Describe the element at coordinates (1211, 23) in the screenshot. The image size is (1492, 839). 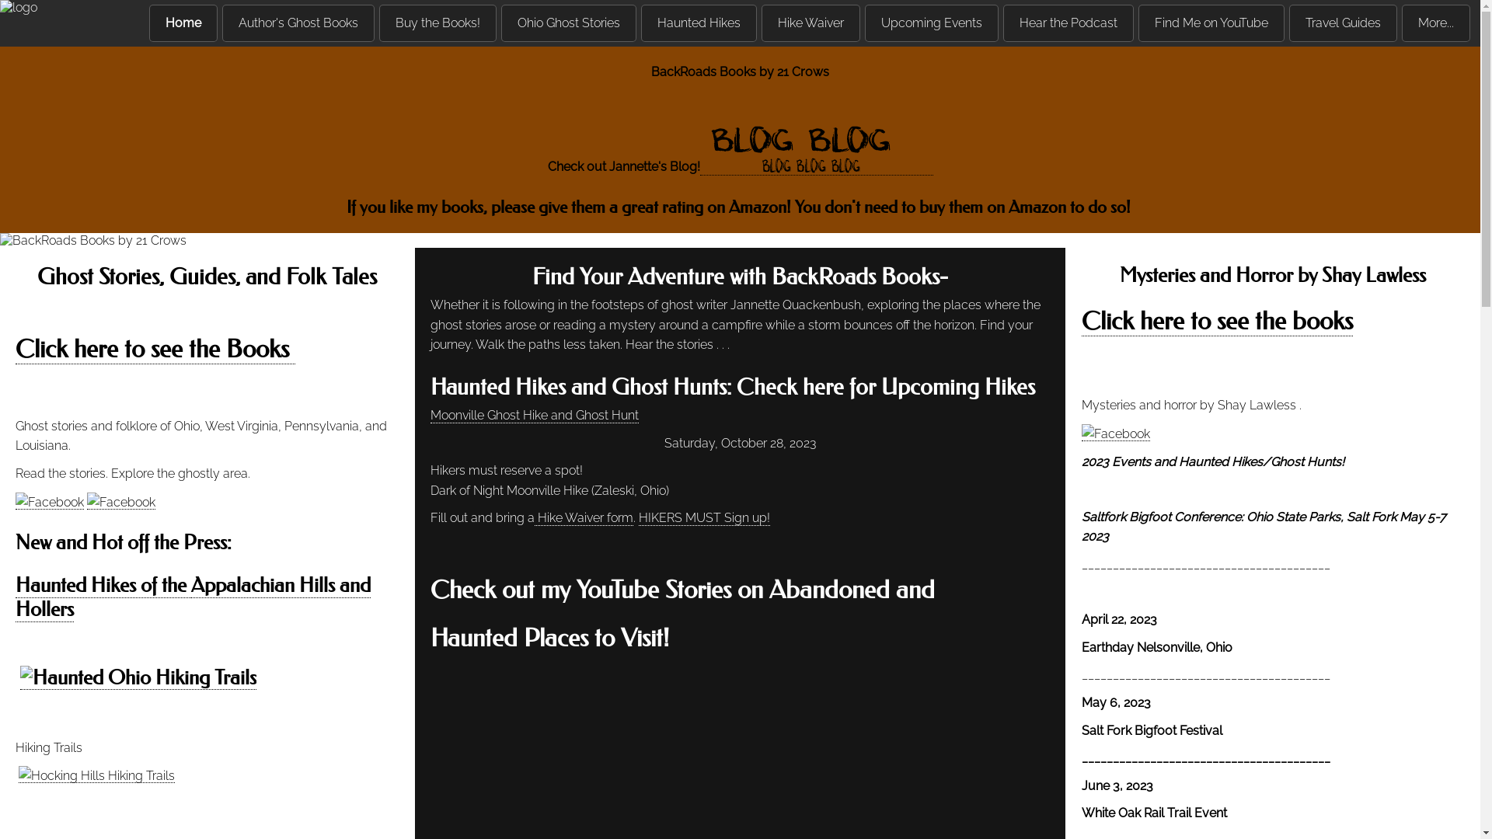
I see `'Find Me on YouTube'` at that location.